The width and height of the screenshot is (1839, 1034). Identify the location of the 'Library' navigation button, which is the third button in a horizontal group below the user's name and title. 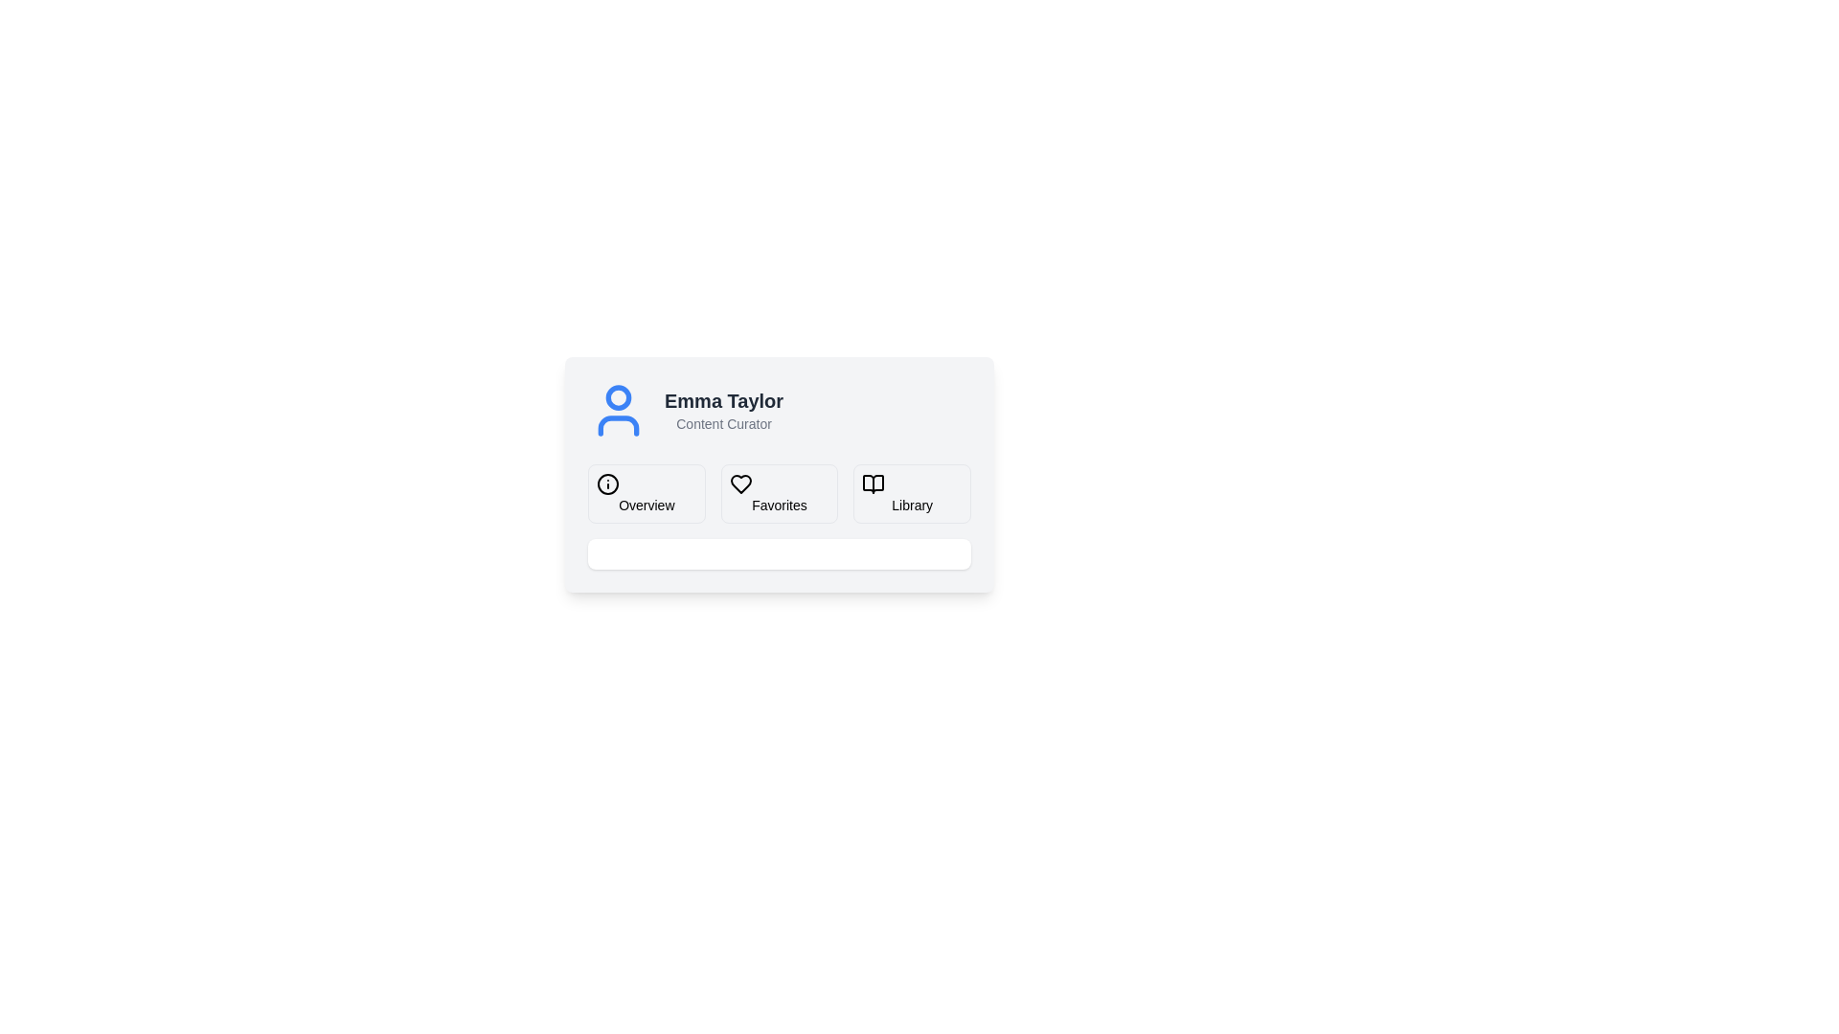
(911, 493).